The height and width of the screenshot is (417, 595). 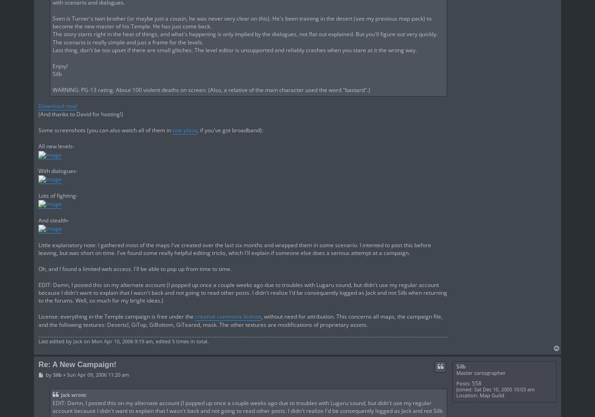 I want to click on 'License: everything in the Temple campaign is free under the', so click(x=116, y=315).